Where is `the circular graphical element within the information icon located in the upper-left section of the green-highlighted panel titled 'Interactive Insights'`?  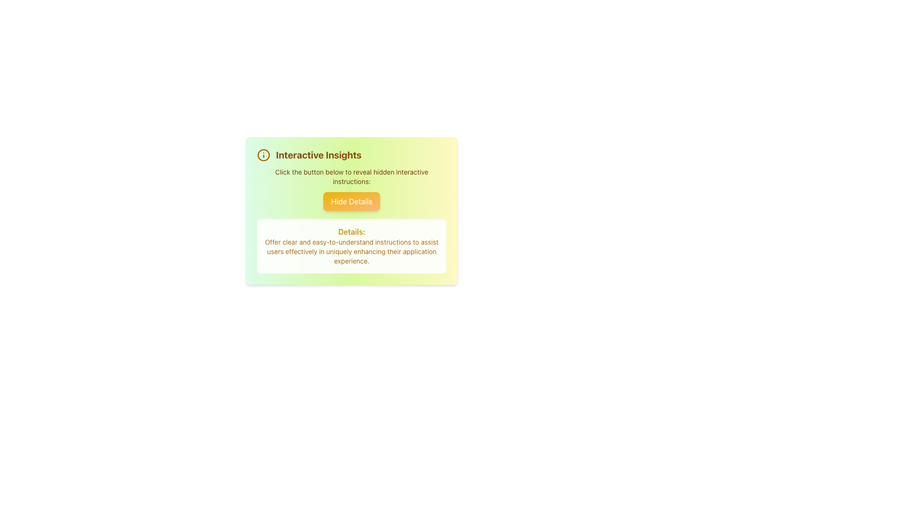
the circular graphical element within the information icon located in the upper-left section of the green-highlighted panel titled 'Interactive Insights' is located at coordinates (263, 154).